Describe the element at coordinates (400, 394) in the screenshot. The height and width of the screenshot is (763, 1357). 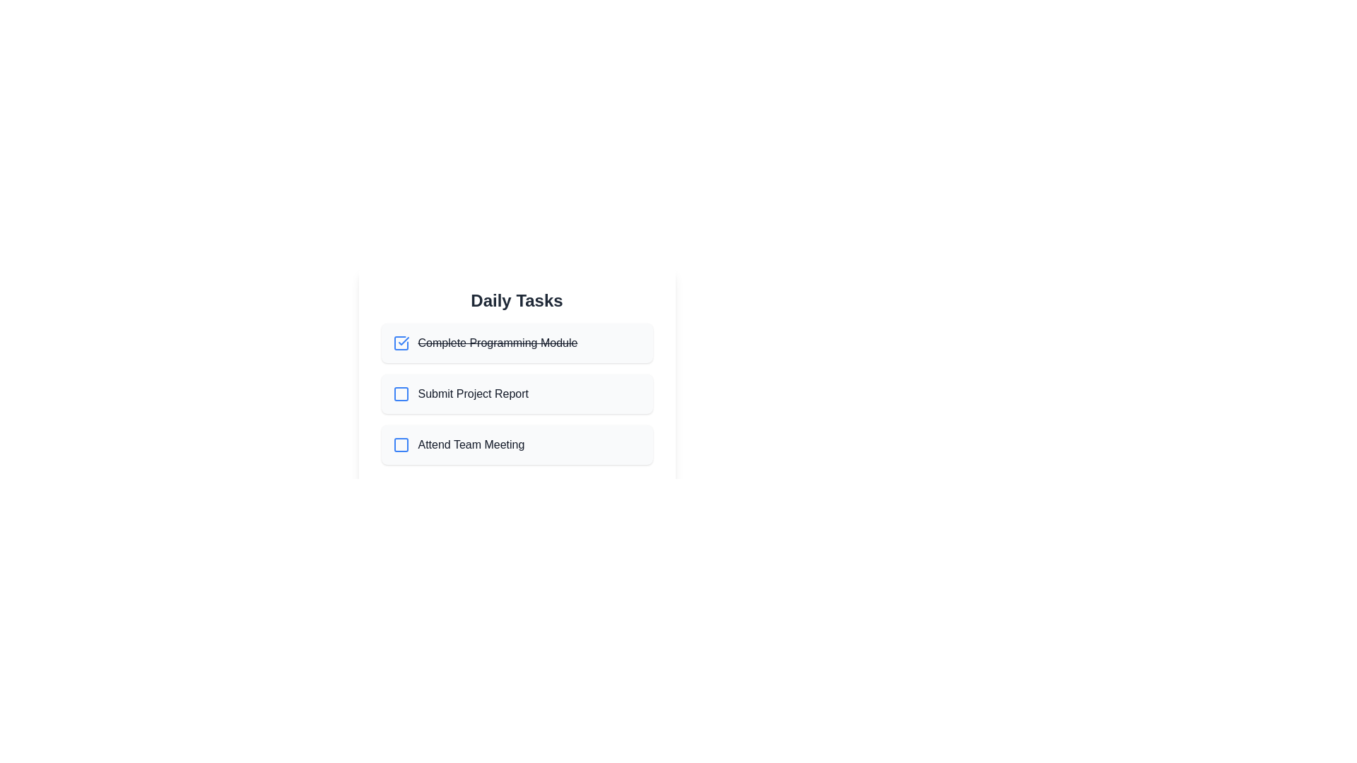
I see `the checkbox icon for the task 'Submit Project Report'` at that location.